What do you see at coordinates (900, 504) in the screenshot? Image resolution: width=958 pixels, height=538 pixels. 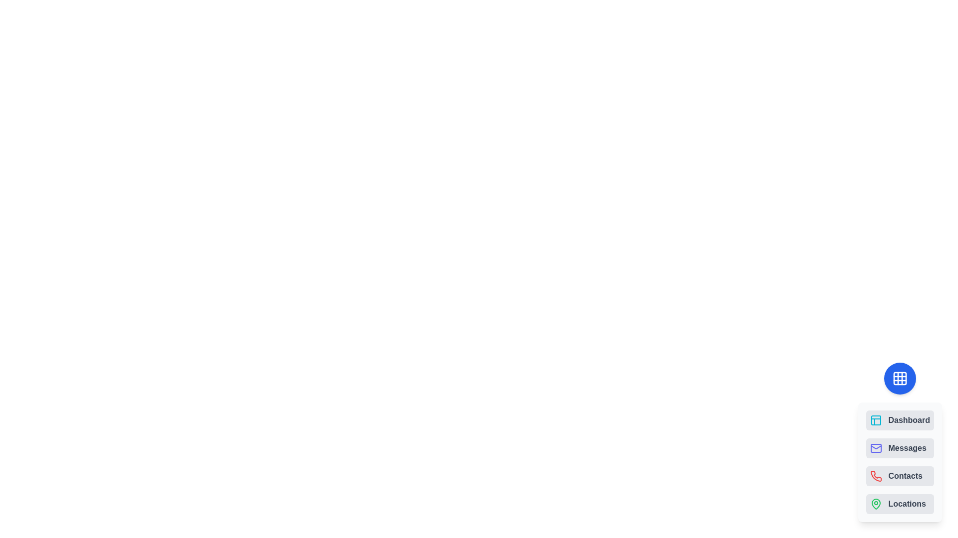 I see `the navigation option Locations from the speed dial` at bounding box center [900, 504].